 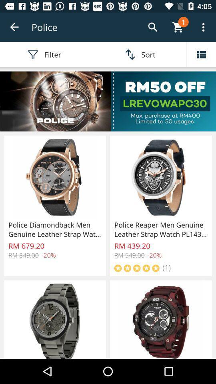 I want to click on see more details about this, so click(x=108, y=101).